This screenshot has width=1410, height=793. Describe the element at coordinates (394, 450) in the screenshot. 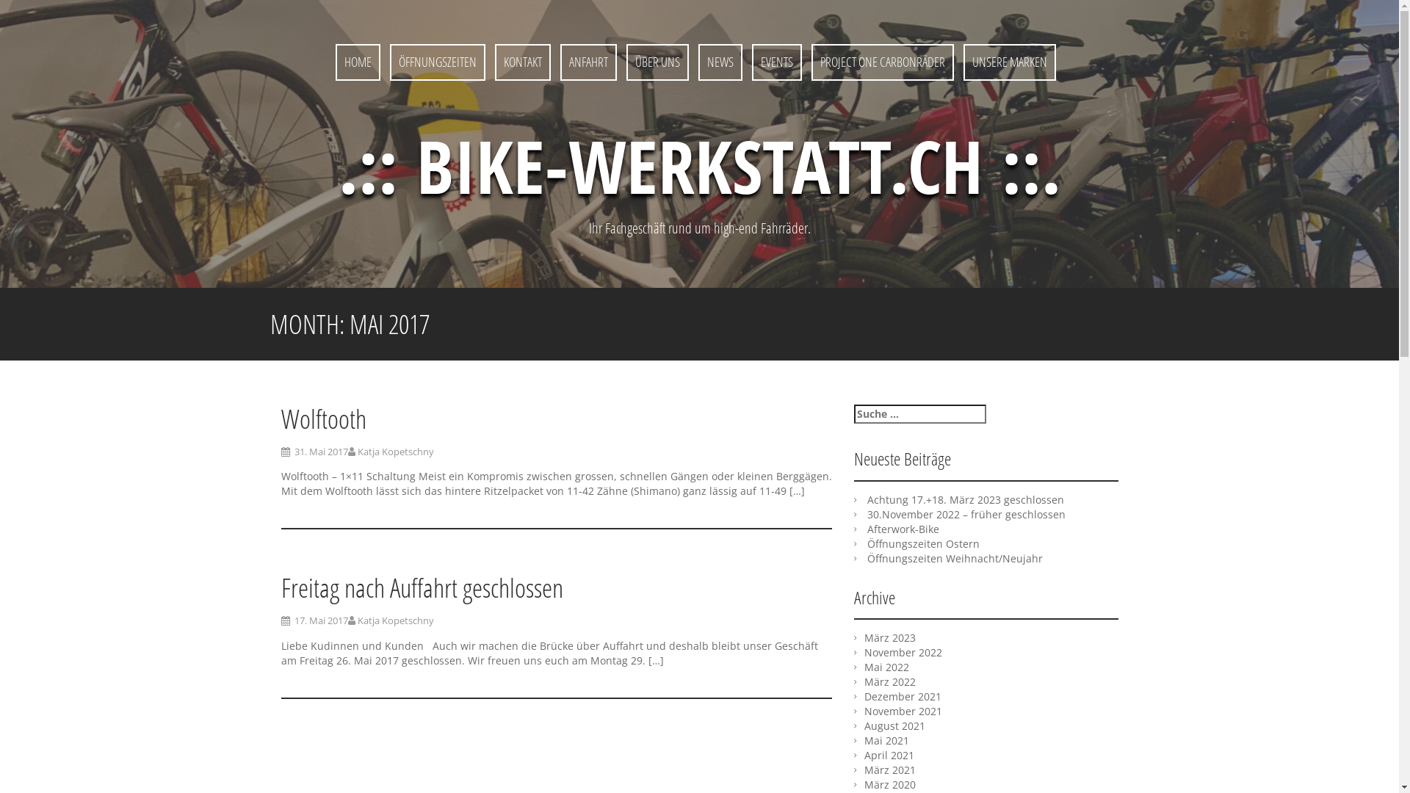

I see `'Katja Kopetschny'` at that location.